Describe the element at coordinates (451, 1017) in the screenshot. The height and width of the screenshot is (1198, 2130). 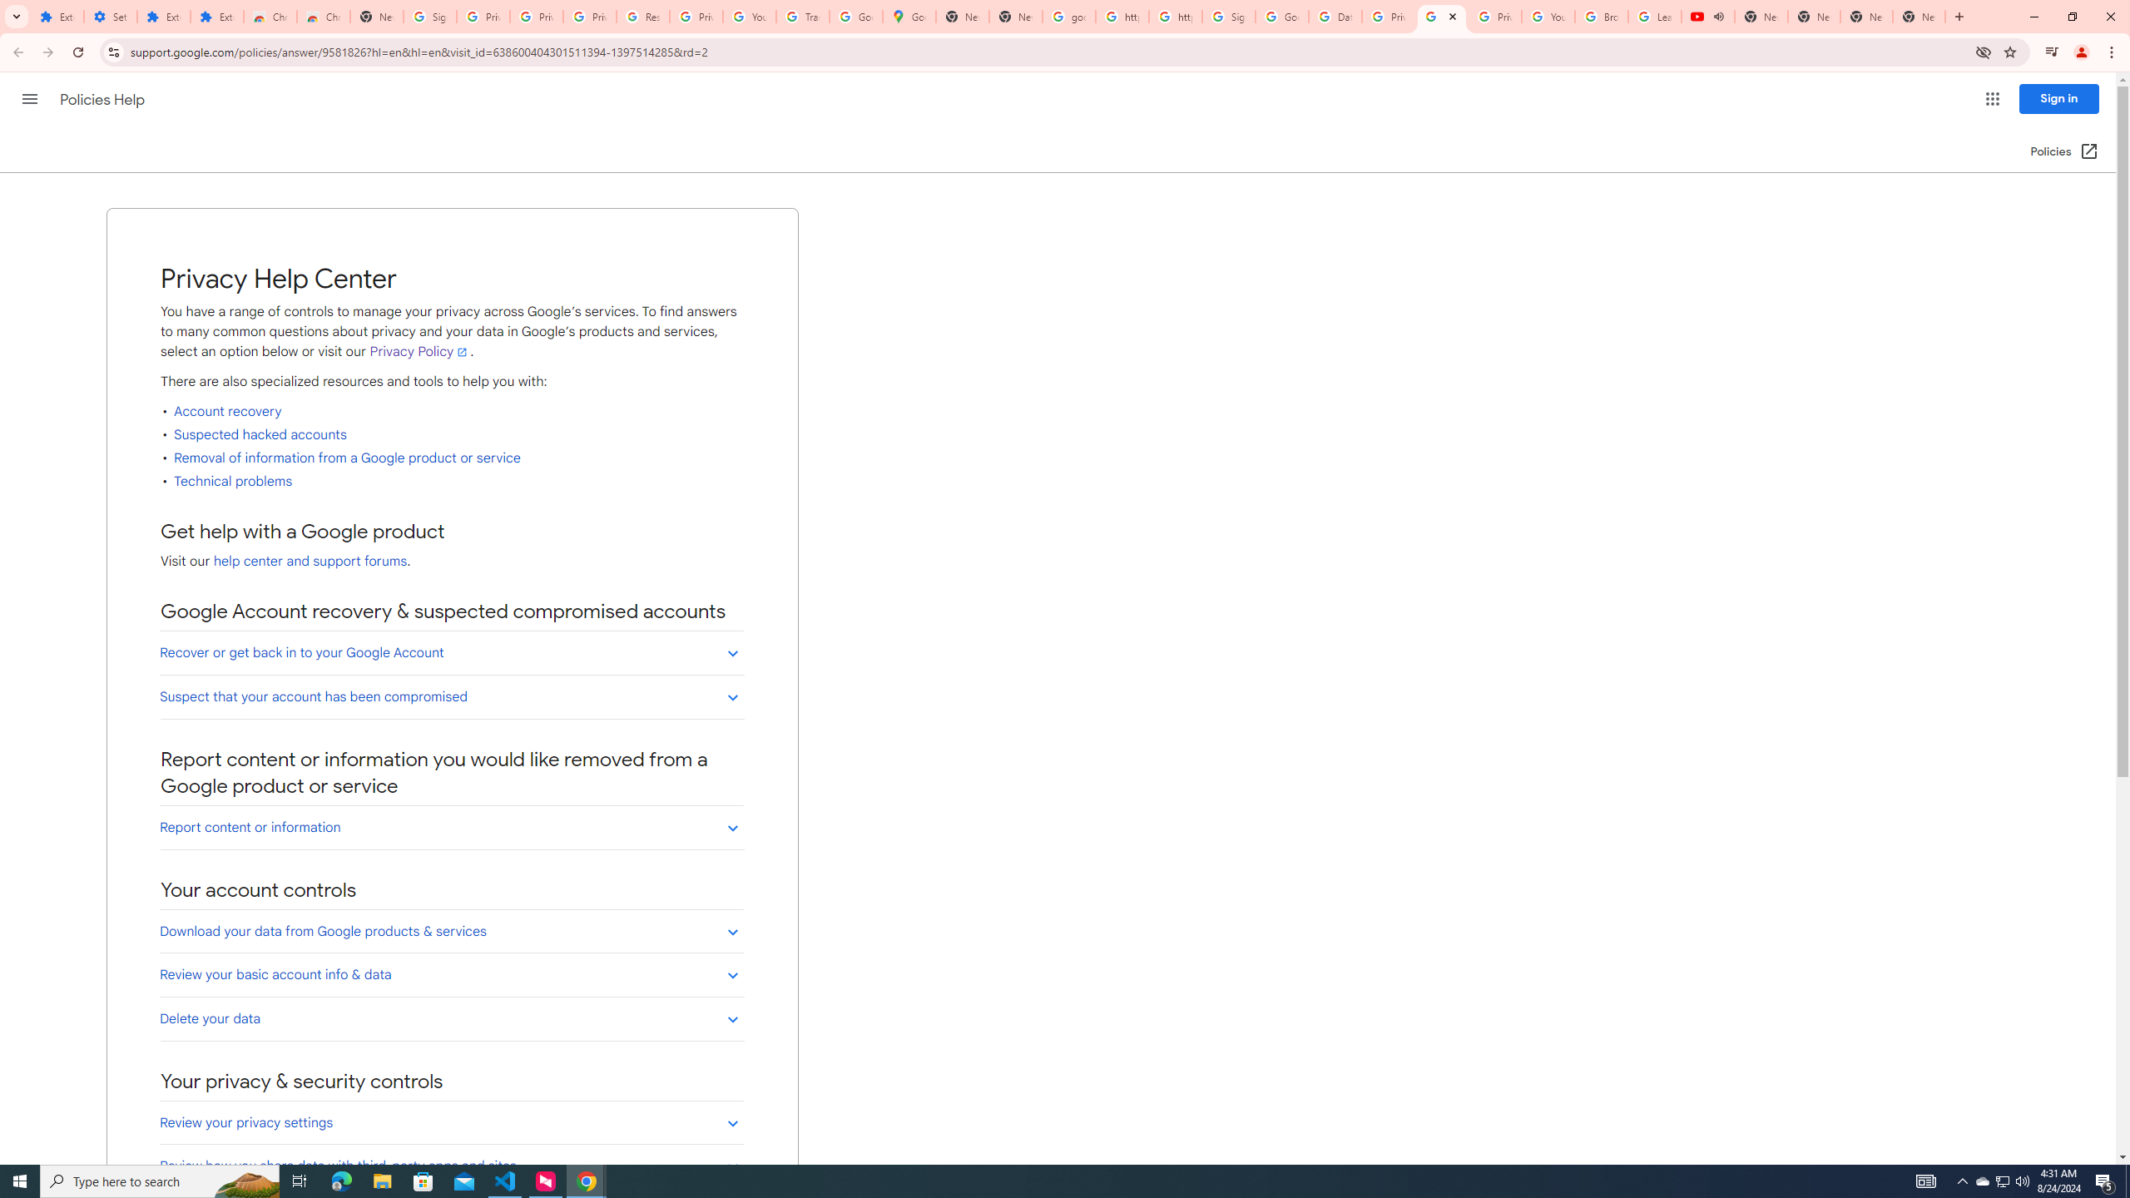
I see `'Delete your data'` at that location.